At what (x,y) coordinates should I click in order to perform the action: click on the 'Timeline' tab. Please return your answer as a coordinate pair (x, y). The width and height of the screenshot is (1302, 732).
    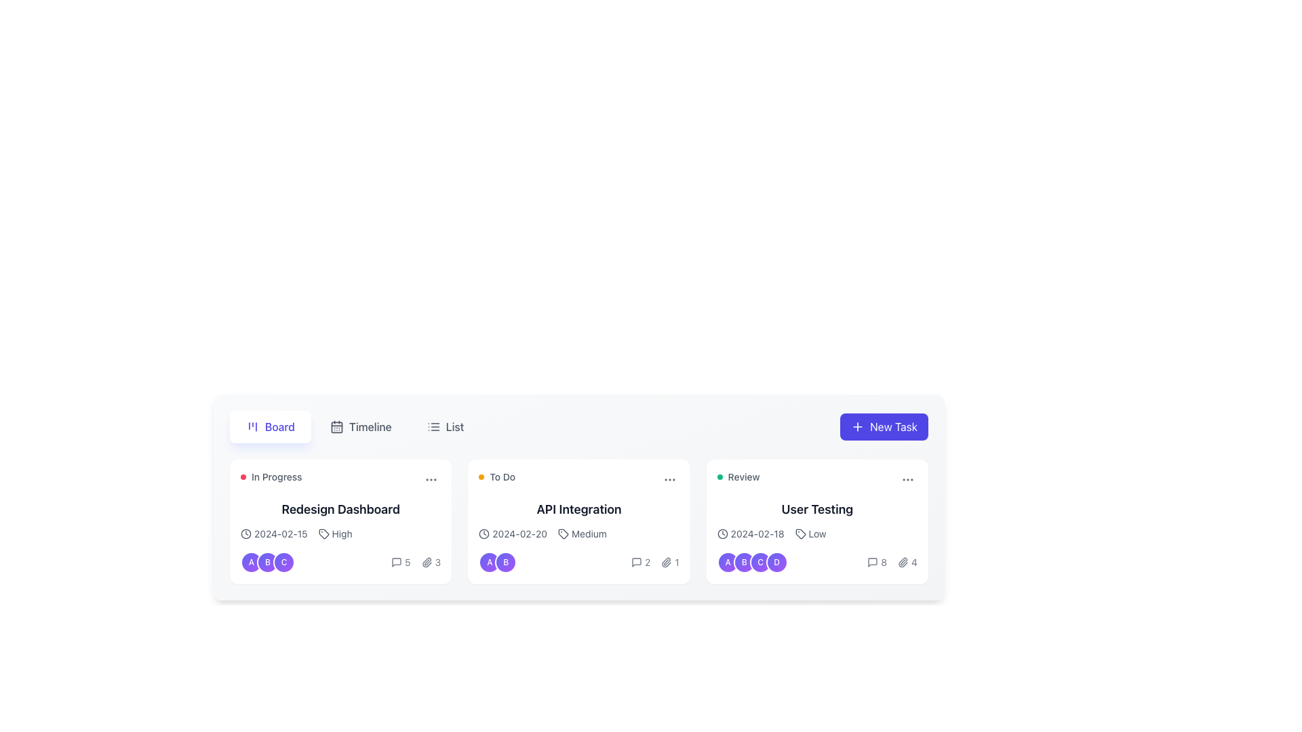
    Looking at the image, I should click on (355, 426).